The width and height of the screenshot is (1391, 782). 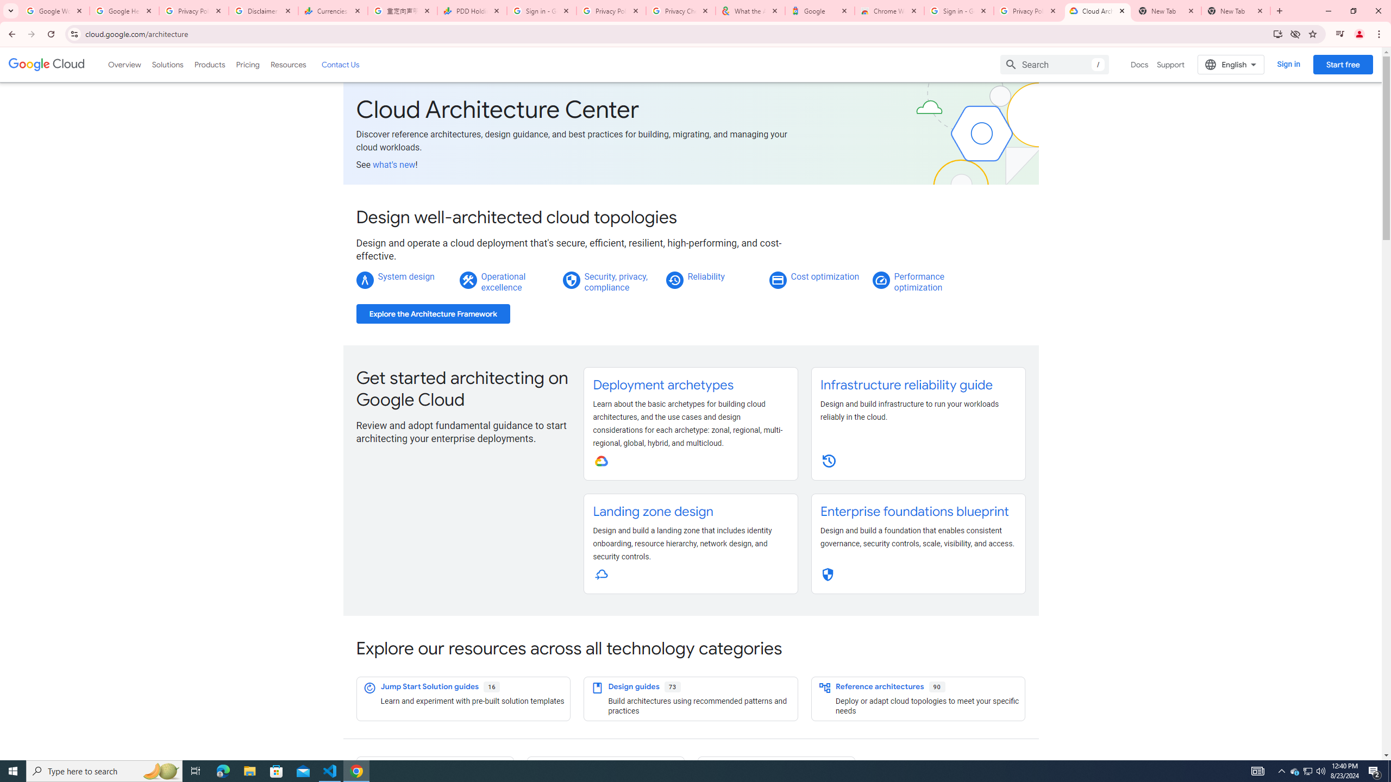 What do you see at coordinates (616, 281) in the screenshot?
I see `'Security, privacy, compliance'` at bounding box center [616, 281].